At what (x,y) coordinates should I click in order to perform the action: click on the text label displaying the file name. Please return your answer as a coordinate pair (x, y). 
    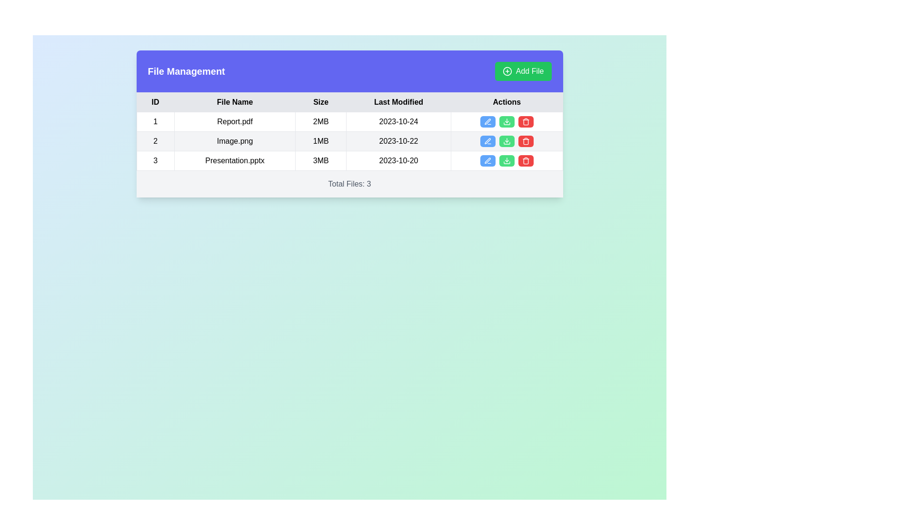
    Looking at the image, I should click on (235, 160).